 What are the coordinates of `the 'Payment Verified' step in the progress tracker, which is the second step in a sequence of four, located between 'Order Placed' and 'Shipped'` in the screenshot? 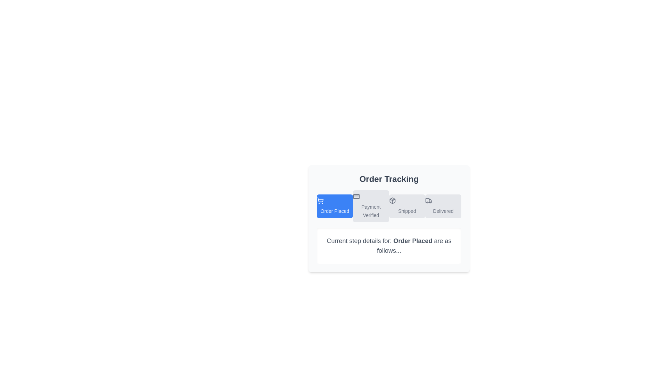 It's located at (371, 206).